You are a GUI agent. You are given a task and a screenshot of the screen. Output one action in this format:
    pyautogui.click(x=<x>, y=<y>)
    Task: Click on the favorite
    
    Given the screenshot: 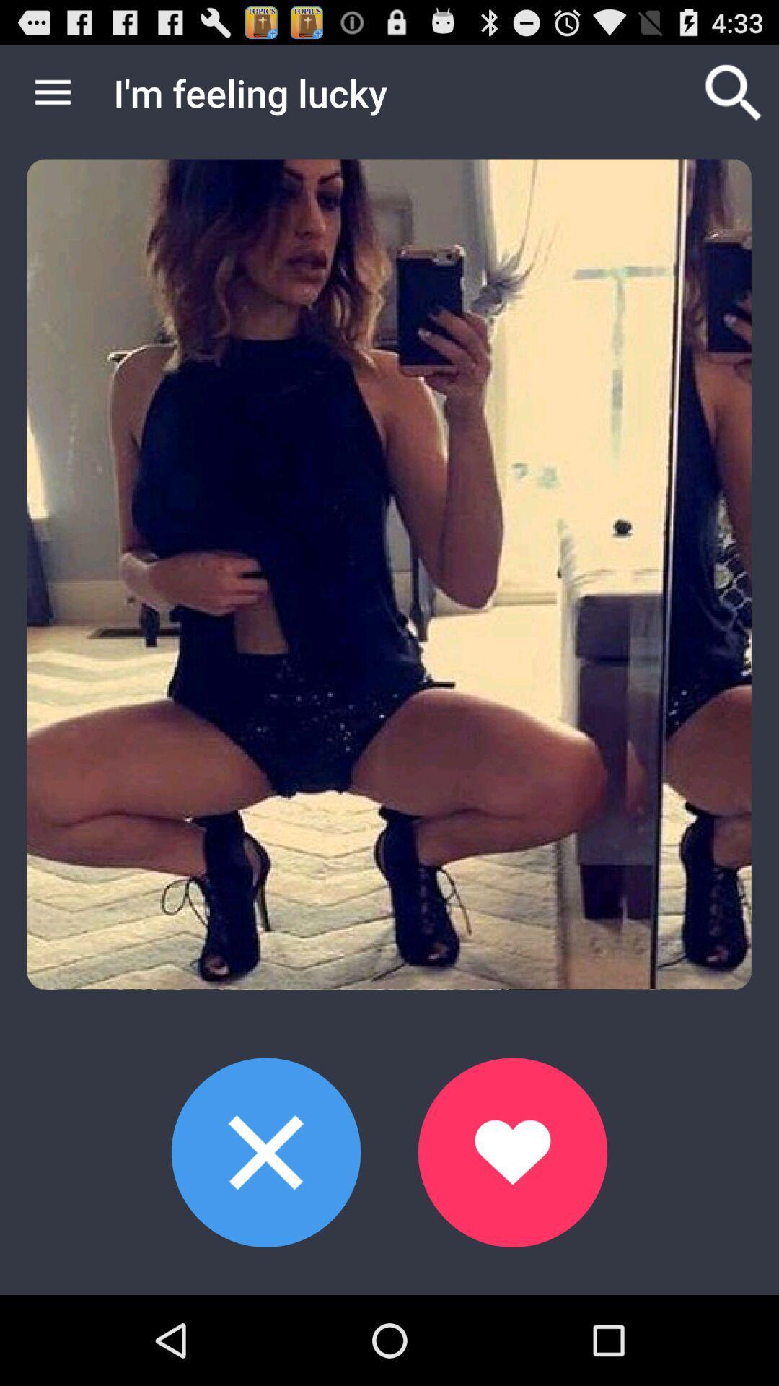 What is the action you would take?
    pyautogui.click(x=511, y=1151)
    